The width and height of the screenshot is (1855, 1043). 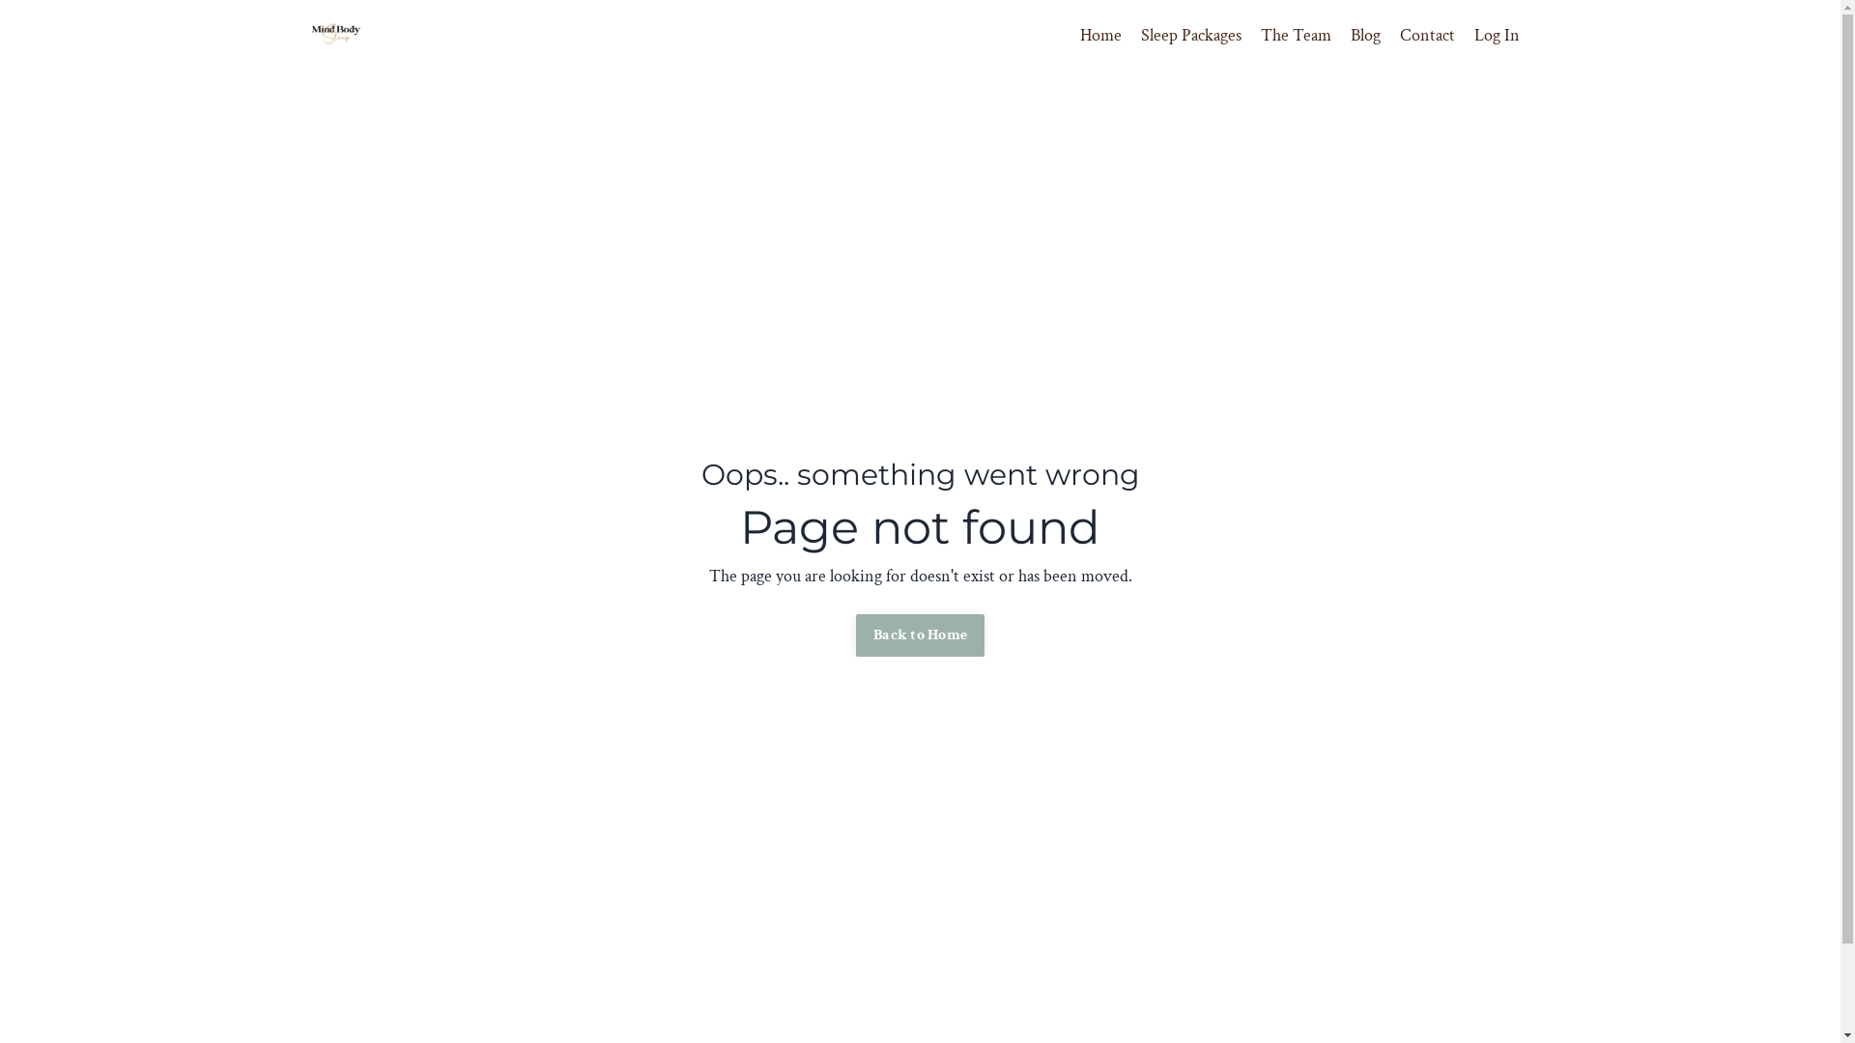 What do you see at coordinates (1295, 36) in the screenshot?
I see `'The Team'` at bounding box center [1295, 36].